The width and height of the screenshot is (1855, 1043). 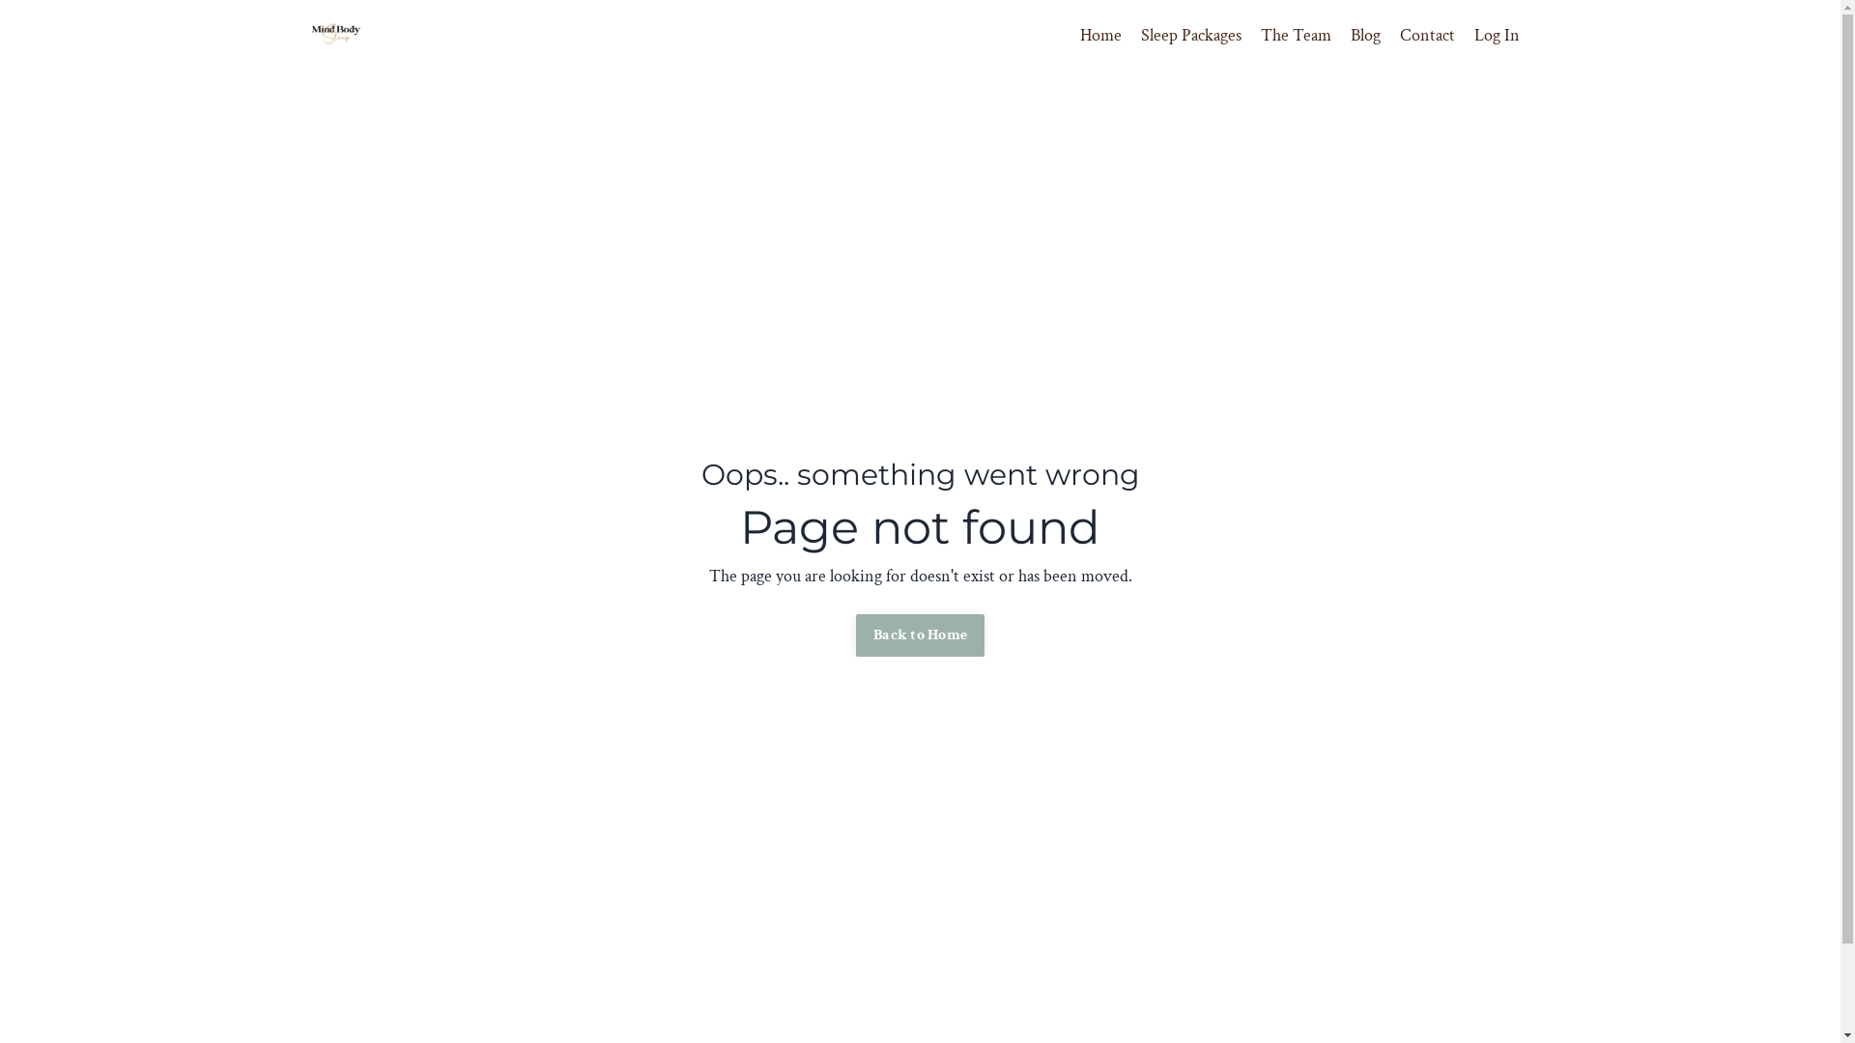 What do you see at coordinates (1295, 36) in the screenshot?
I see `'The Team'` at bounding box center [1295, 36].